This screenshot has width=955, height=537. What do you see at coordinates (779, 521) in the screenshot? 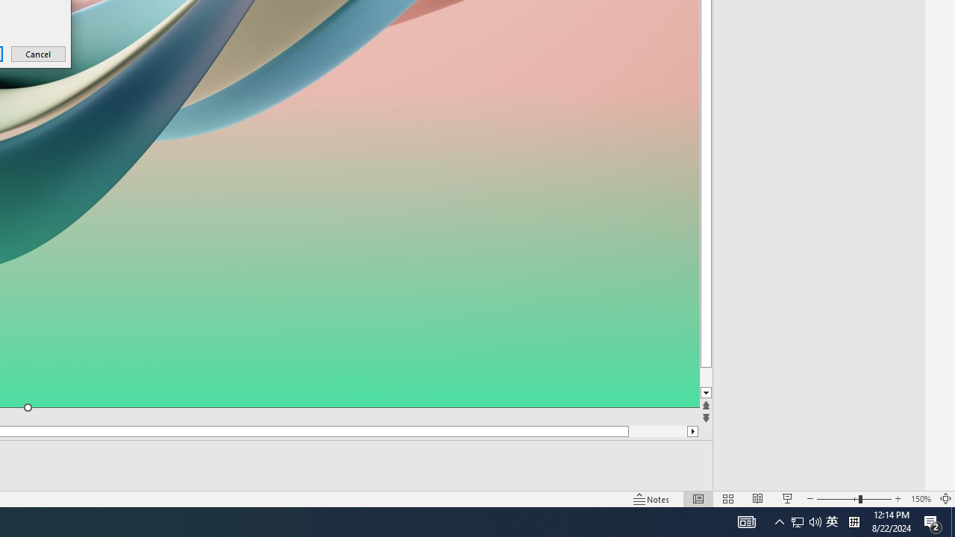
I see `'Notification Chevron'` at bounding box center [779, 521].